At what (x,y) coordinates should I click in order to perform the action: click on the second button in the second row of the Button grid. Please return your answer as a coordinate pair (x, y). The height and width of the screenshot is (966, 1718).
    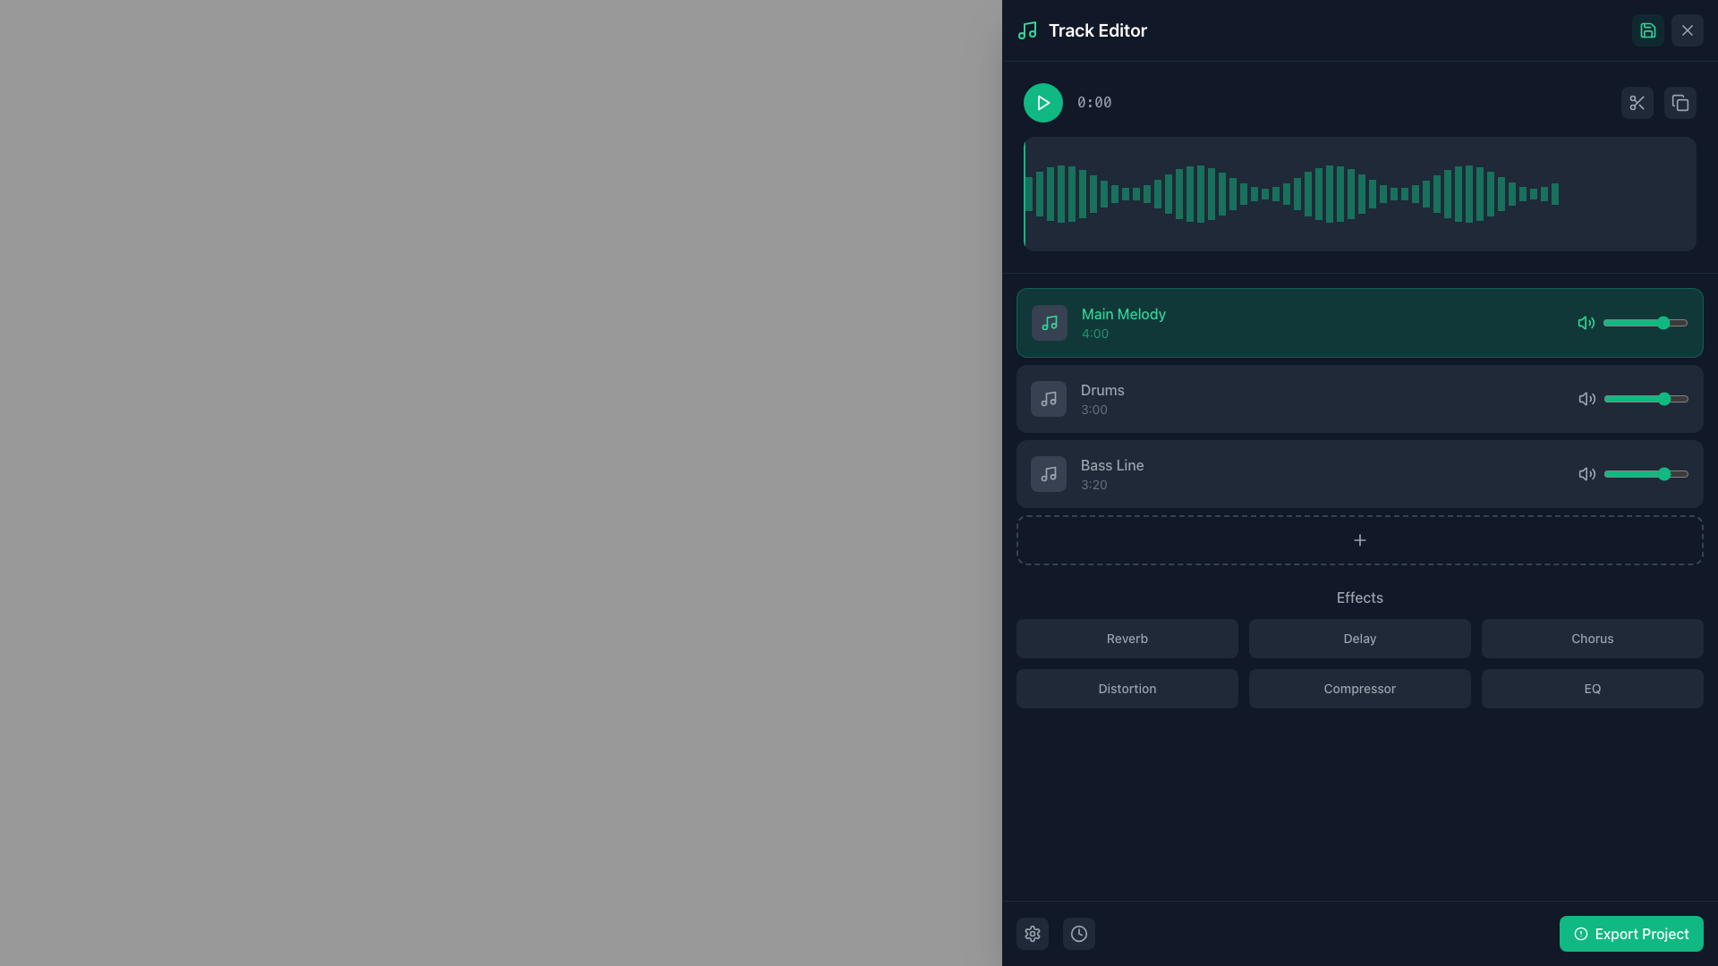
    Looking at the image, I should click on (1360, 663).